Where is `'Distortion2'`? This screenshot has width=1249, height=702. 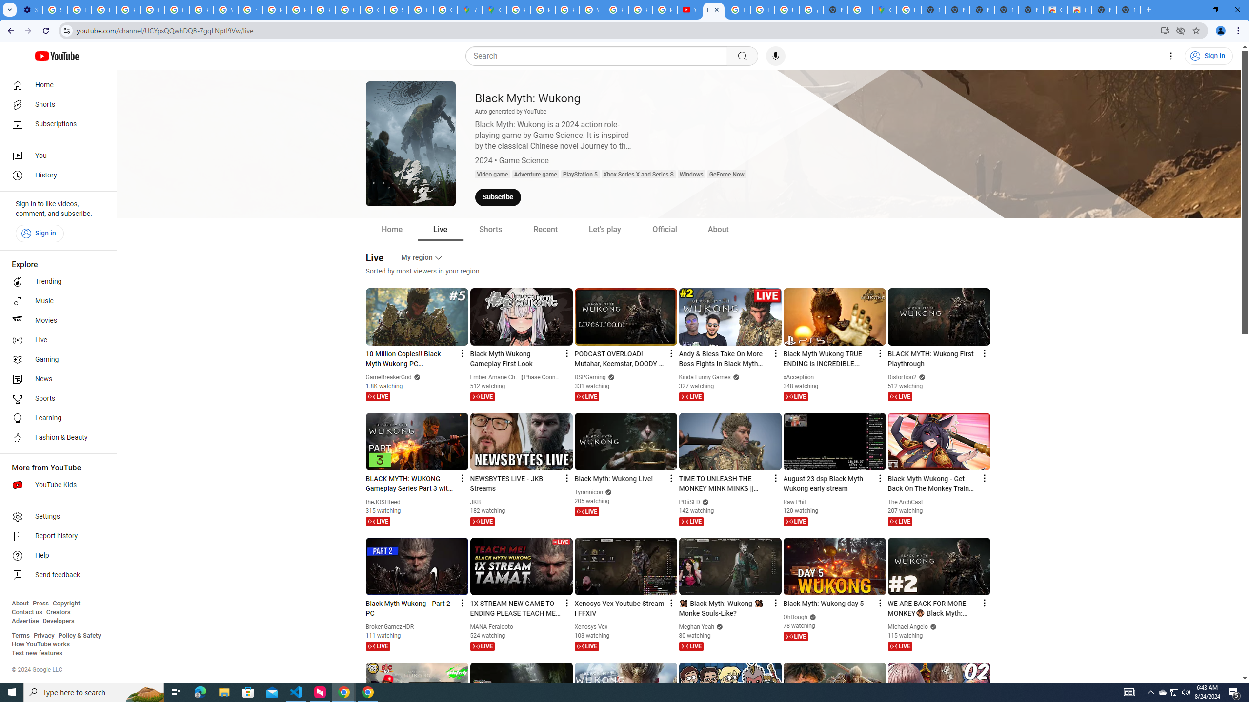 'Distortion2' is located at coordinates (902, 377).